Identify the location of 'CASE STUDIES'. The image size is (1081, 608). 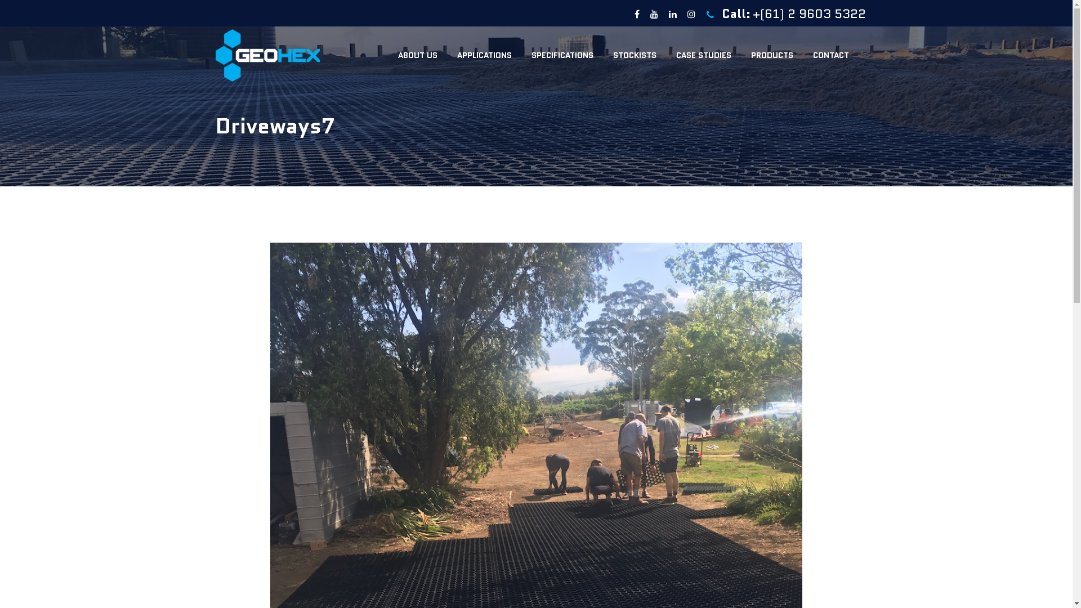
(703, 55).